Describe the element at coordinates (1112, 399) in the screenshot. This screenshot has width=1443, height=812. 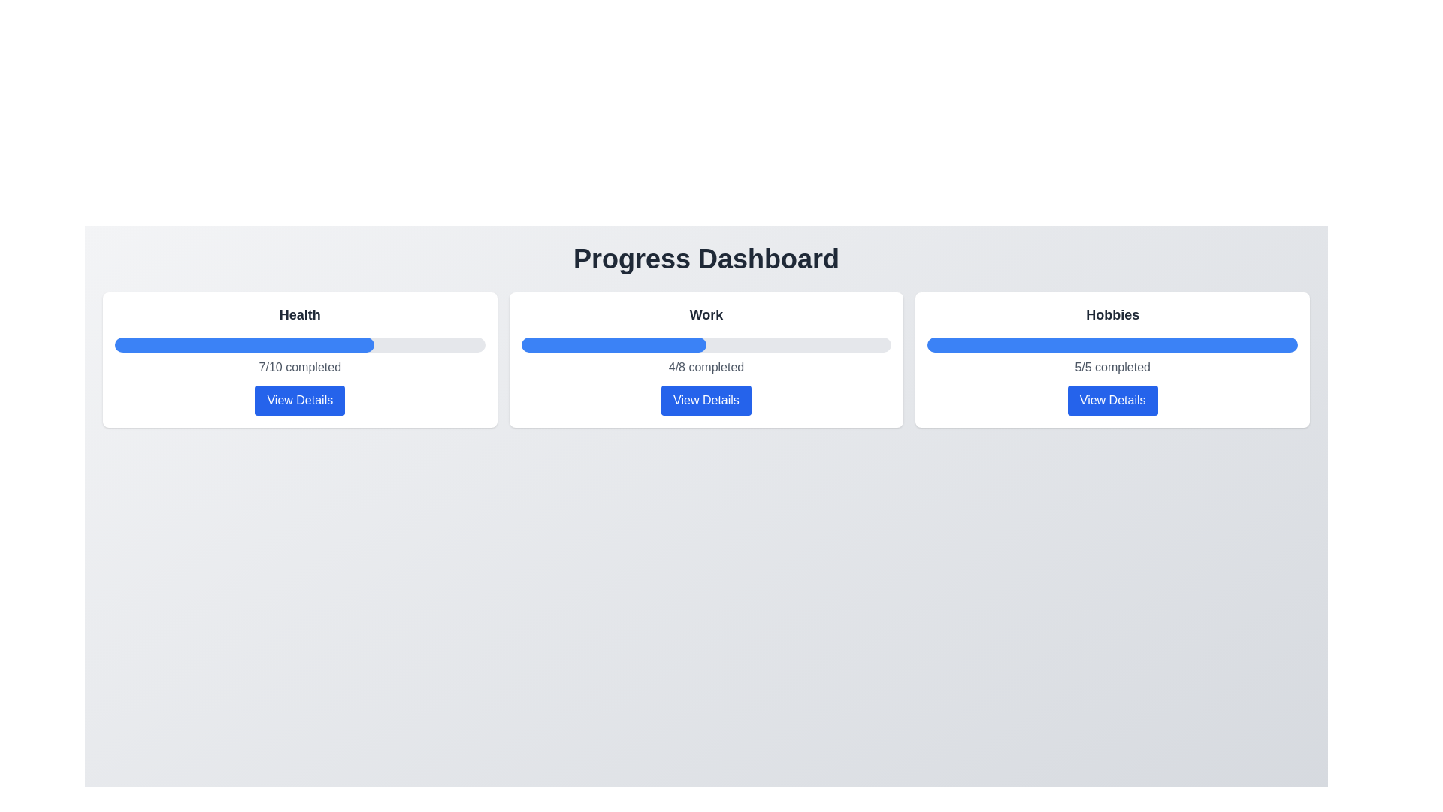
I see `the 'View Details' button located at the bottom of the rightmost card titled 'Hobbies' to initiate navigation or action` at that location.